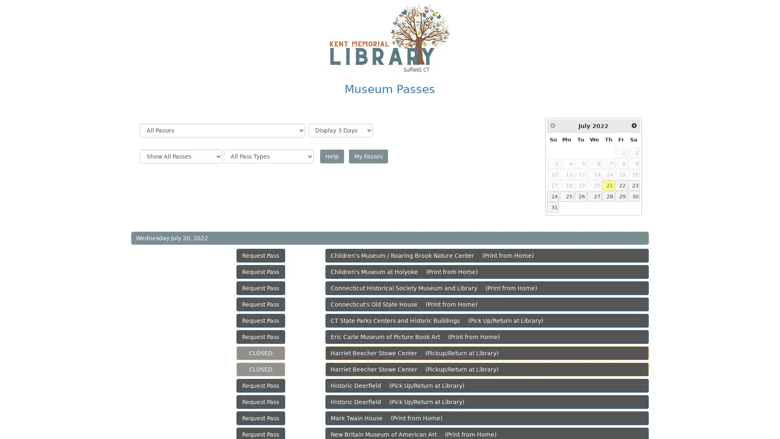 This screenshot has height=439, width=780. I want to click on Children's Museum at Holyoke     (Print from Home), so click(487, 272).